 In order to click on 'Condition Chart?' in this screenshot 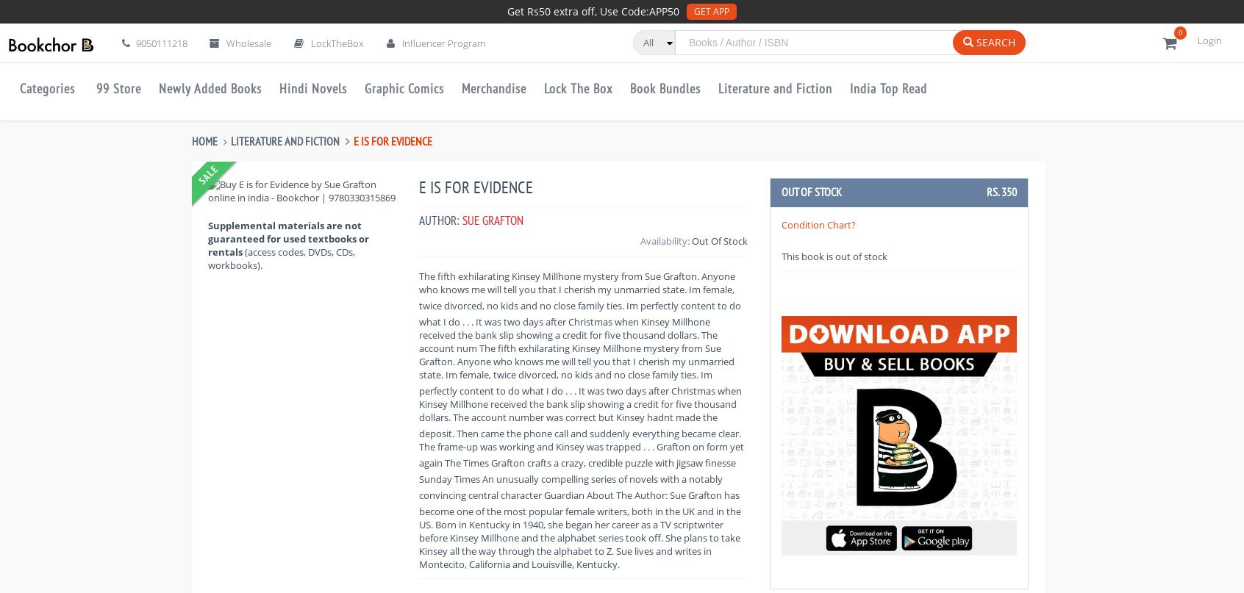, I will do `click(782, 223)`.